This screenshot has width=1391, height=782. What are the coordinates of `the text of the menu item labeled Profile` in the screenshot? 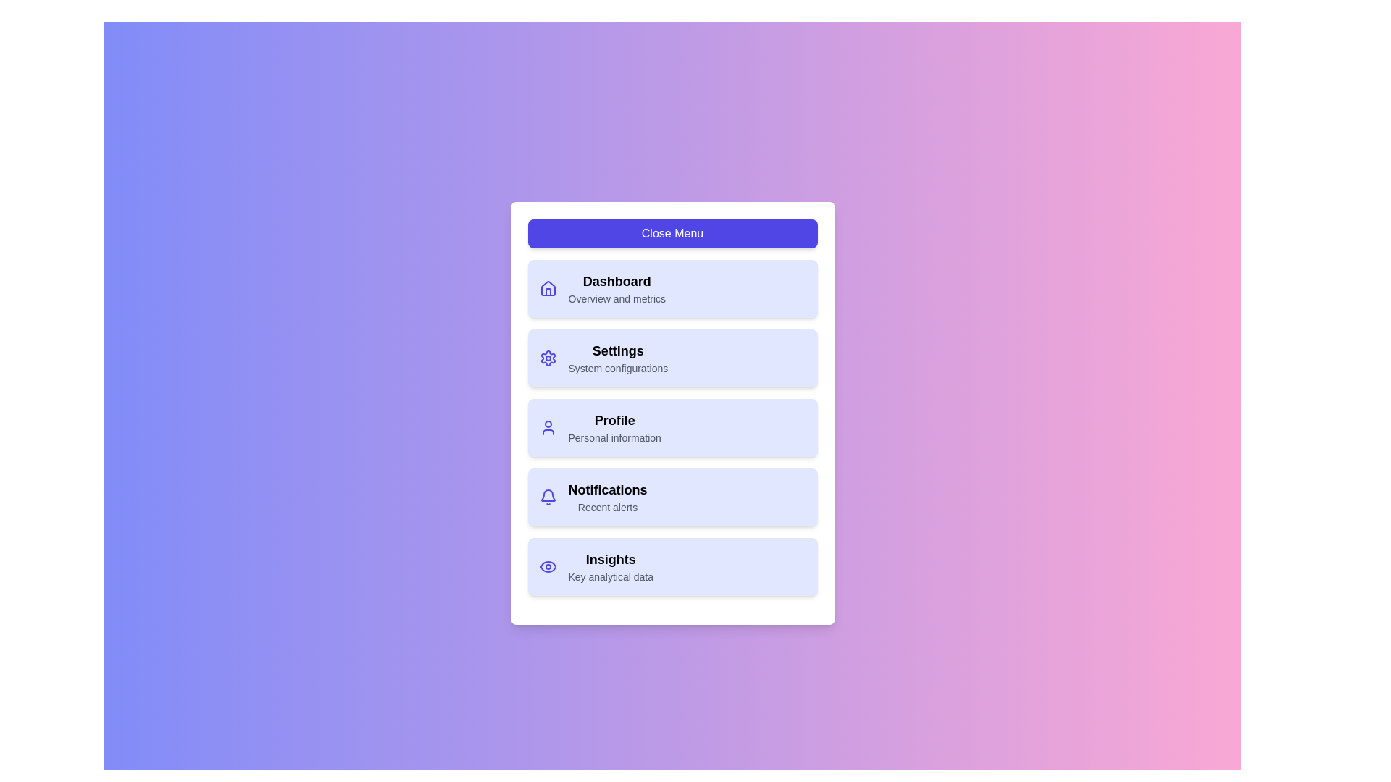 It's located at (614, 421).